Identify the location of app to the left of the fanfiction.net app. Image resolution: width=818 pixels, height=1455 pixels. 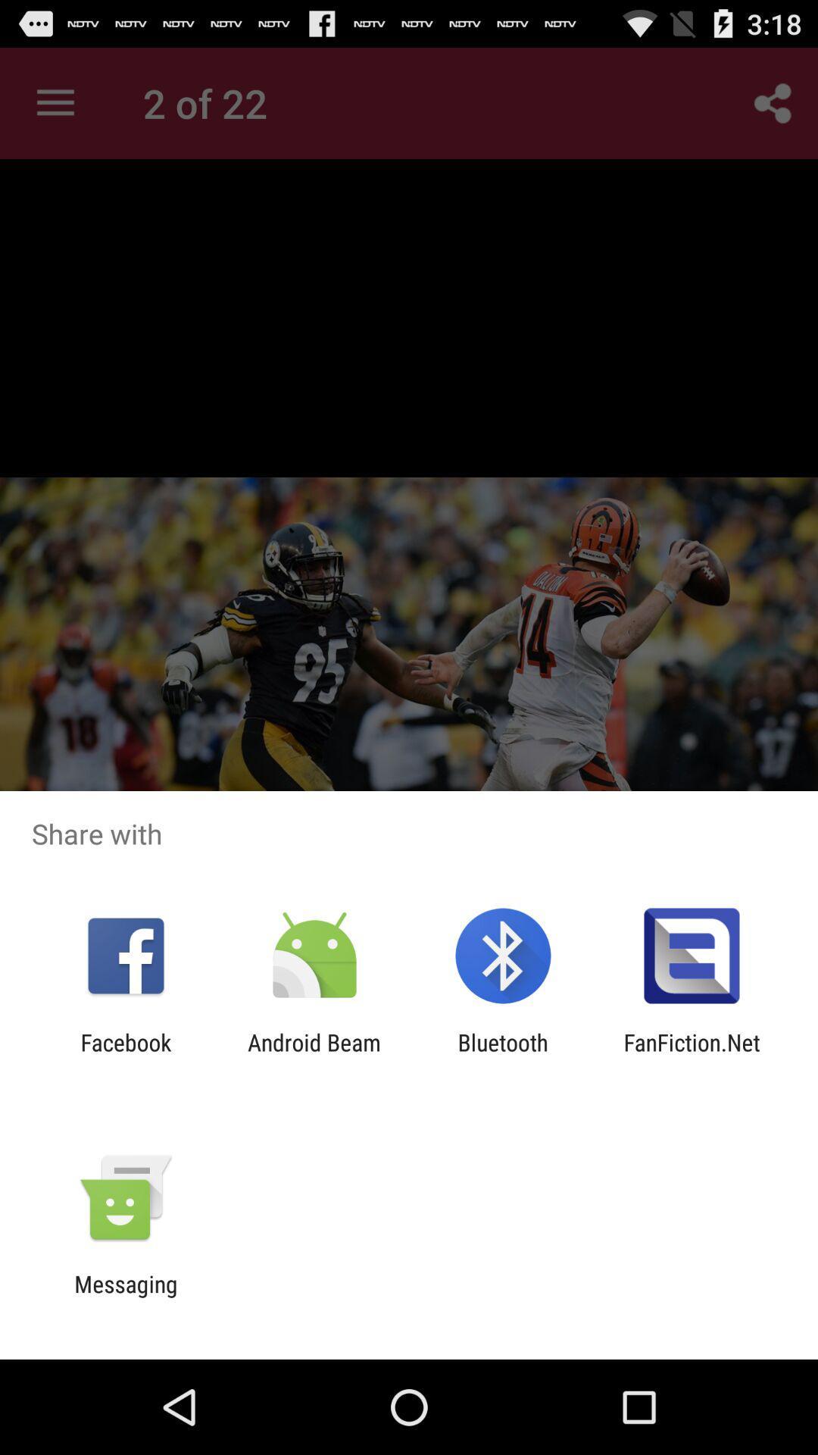
(503, 1055).